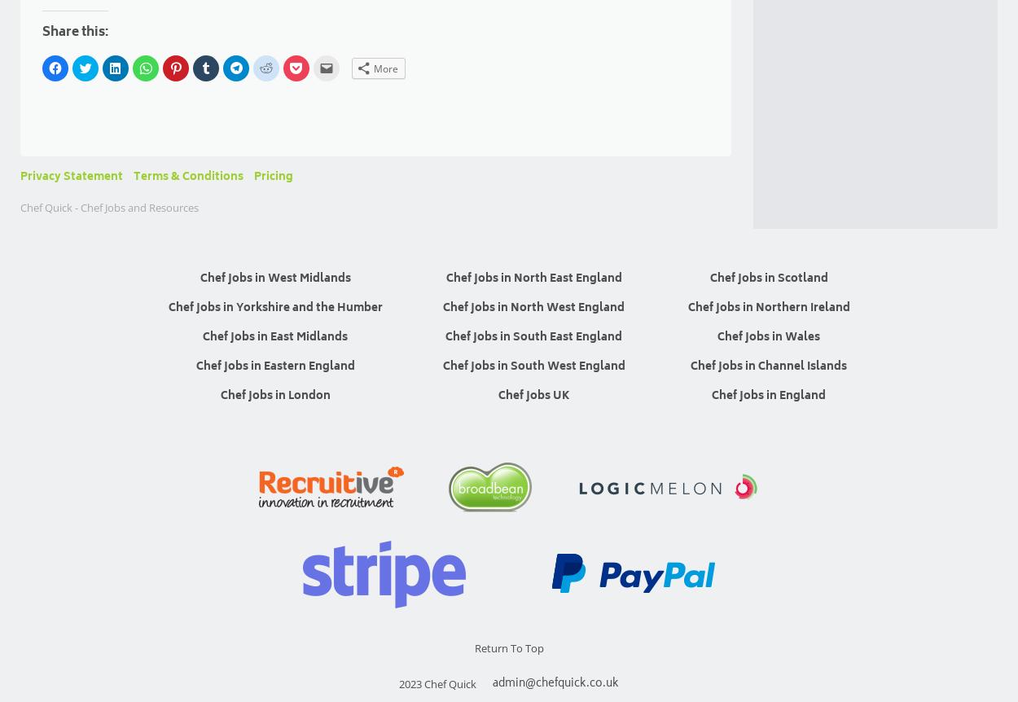  What do you see at coordinates (274, 366) in the screenshot?
I see `'Chef Jobs in Eastern England'` at bounding box center [274, 366].